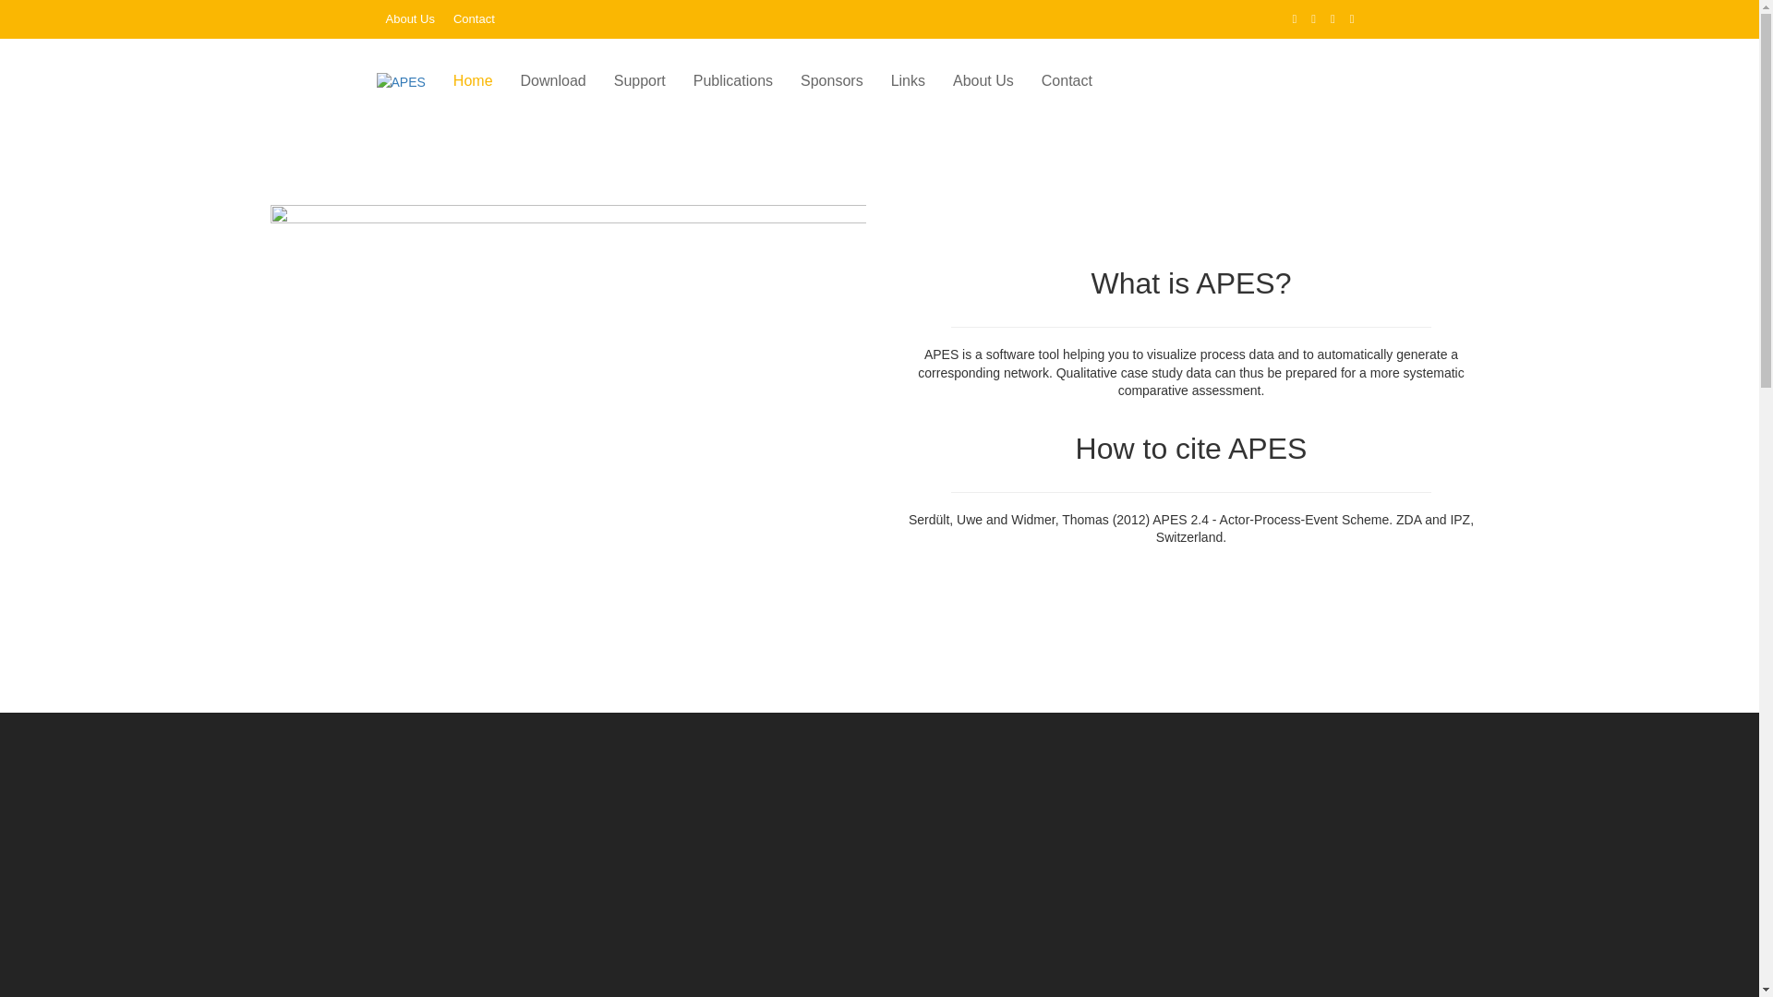  I want to click on 'Download', so click(552, 80).